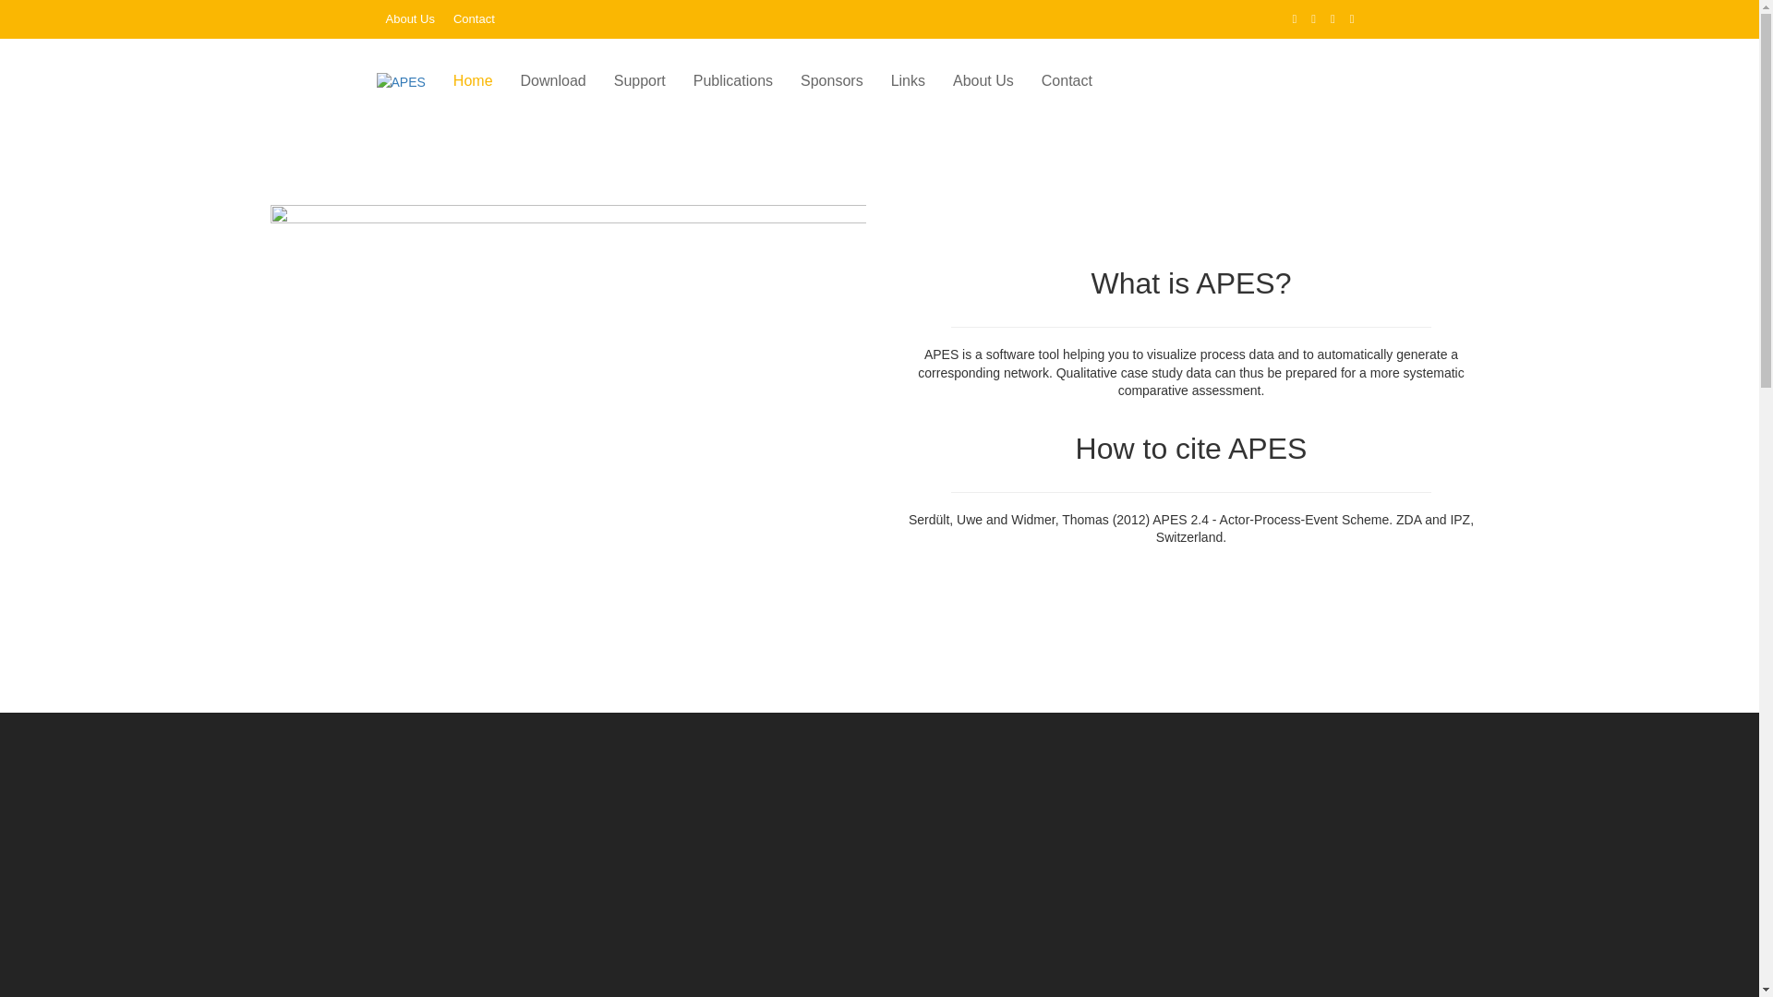  I want to click on 'Download', so click(552, 80).